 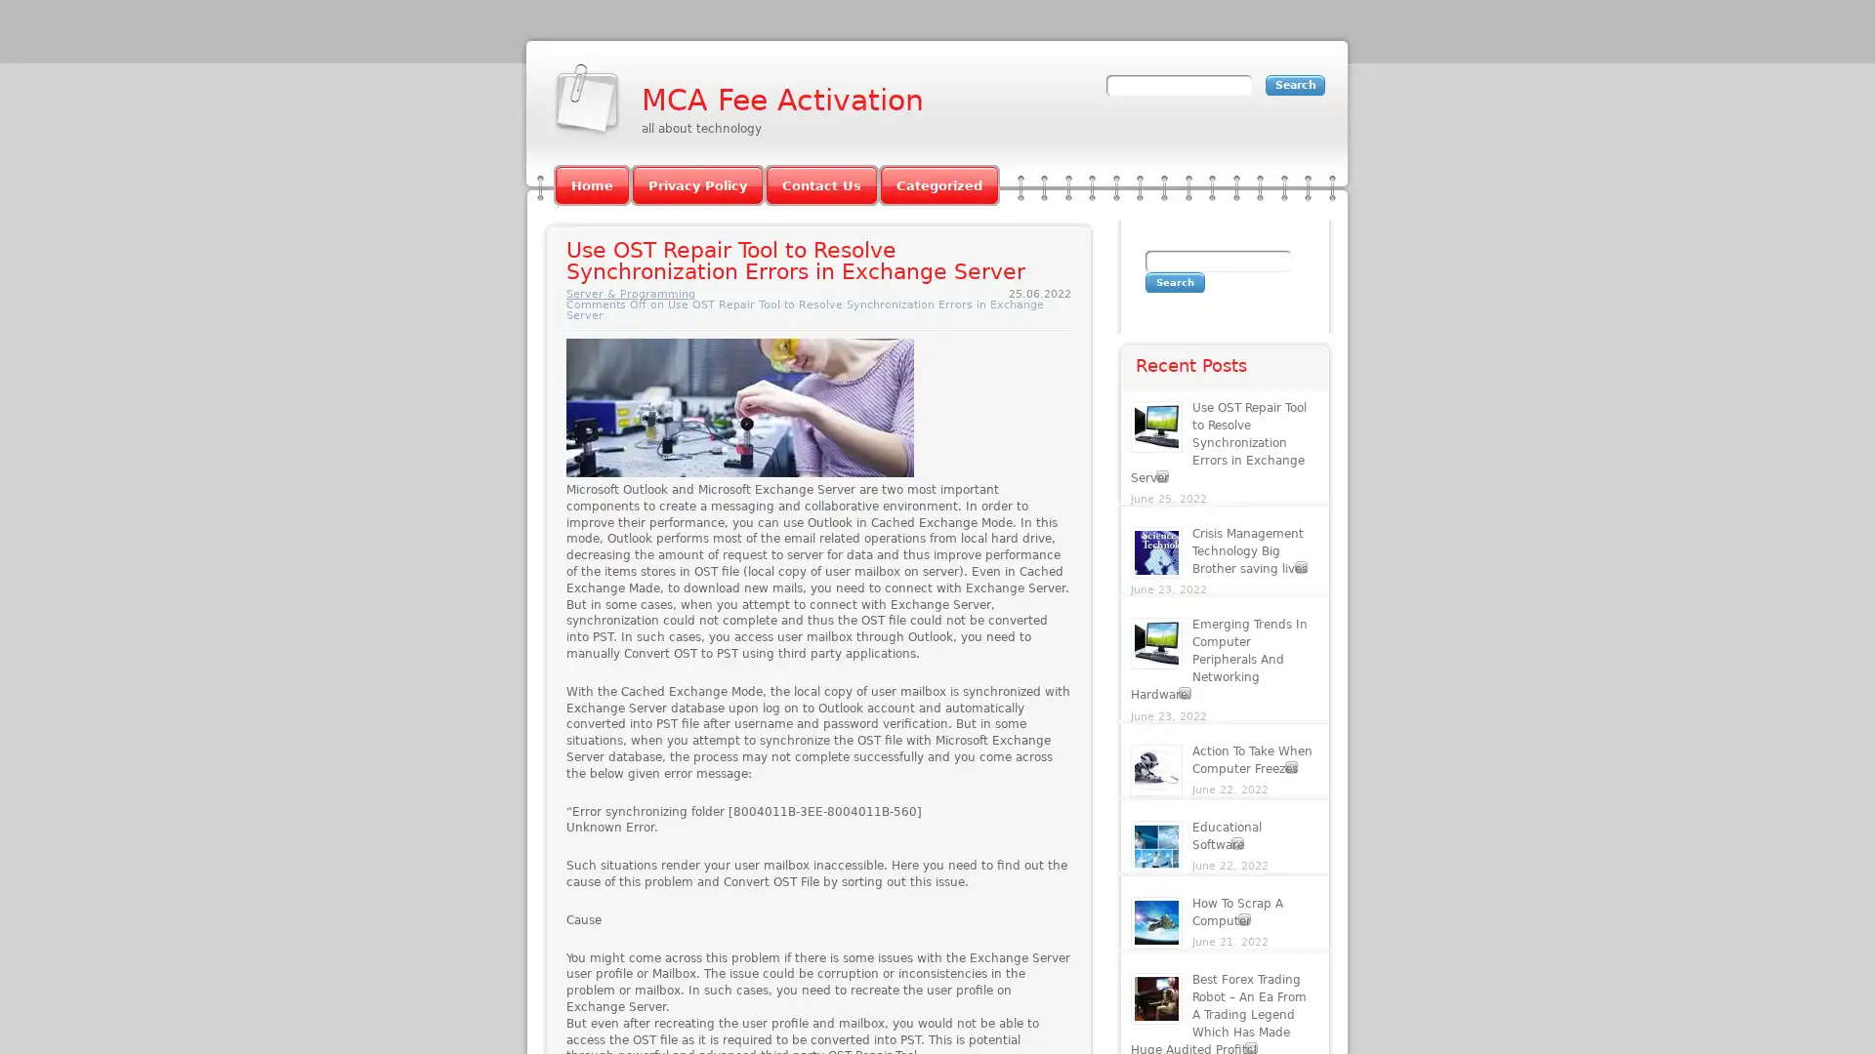 What do you see at coordinates (1174, 282) in the screenshot?
I see `Search` at bounding box center [1174, 282].